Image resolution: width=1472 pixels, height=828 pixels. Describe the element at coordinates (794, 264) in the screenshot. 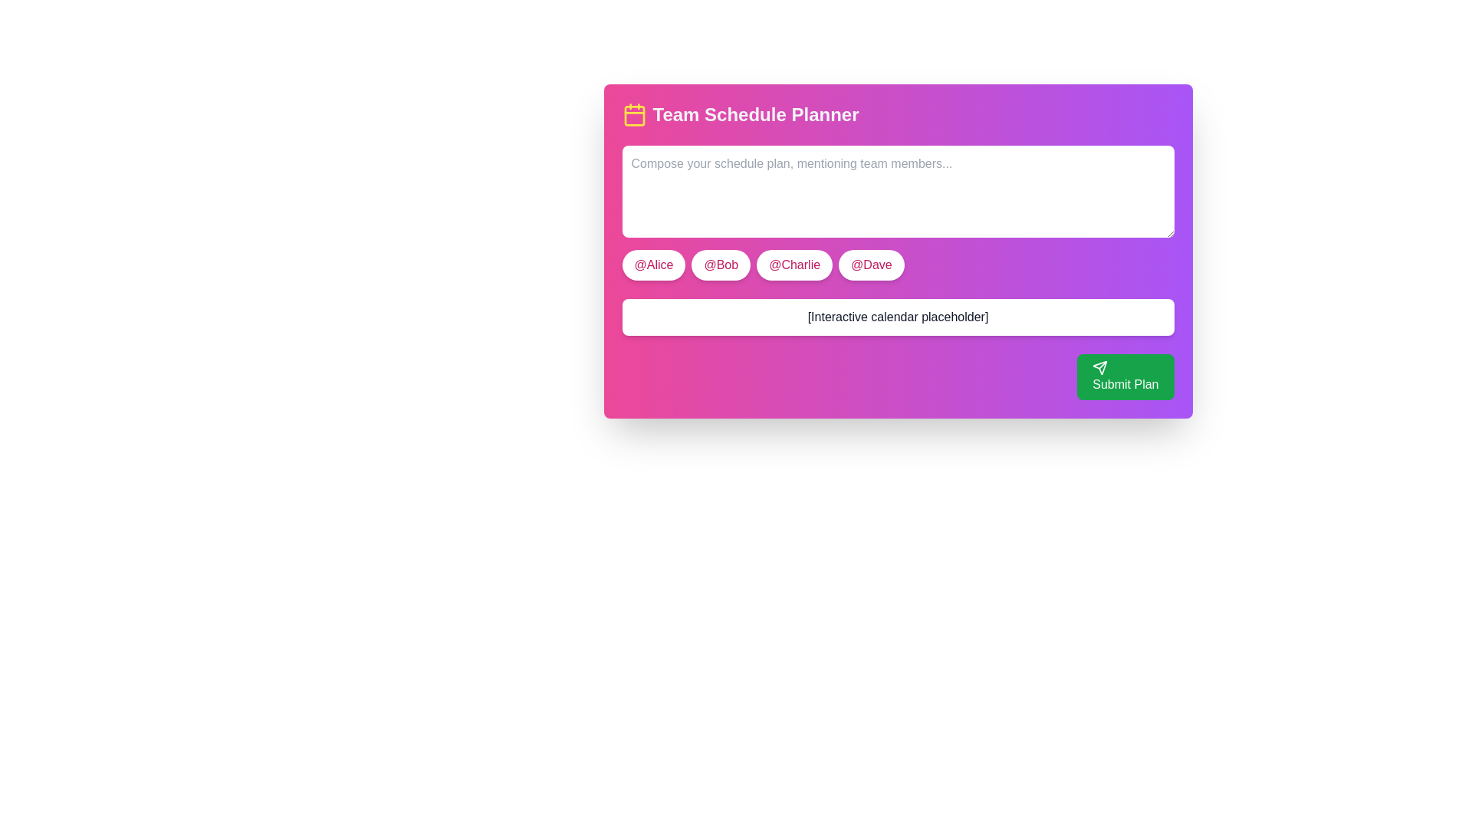

I see `the button styled as a rounded label with a white background and pink text displaying '@Charlie'` at that location.